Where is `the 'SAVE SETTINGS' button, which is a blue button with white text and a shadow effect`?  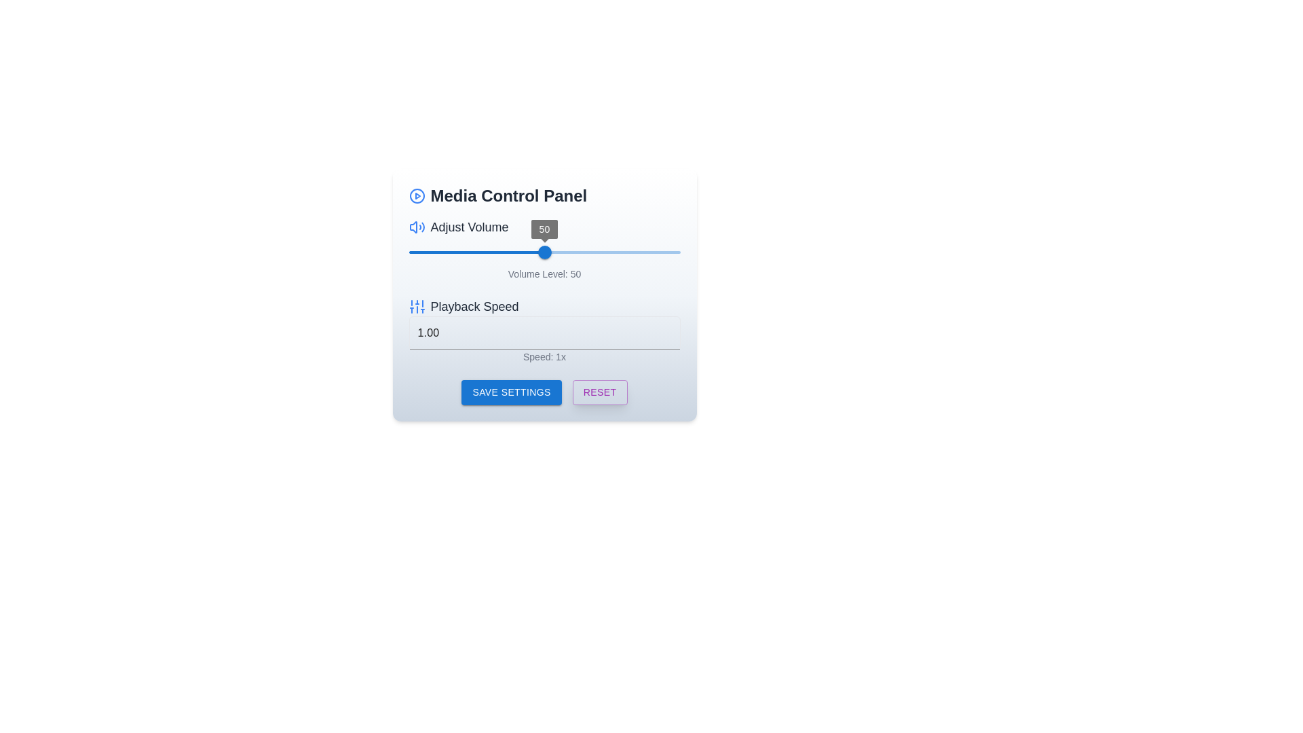
the 'SAVE SETTINGS' button, which is a blue button with white text and a shadow effect is located at coordinates (511, 392).